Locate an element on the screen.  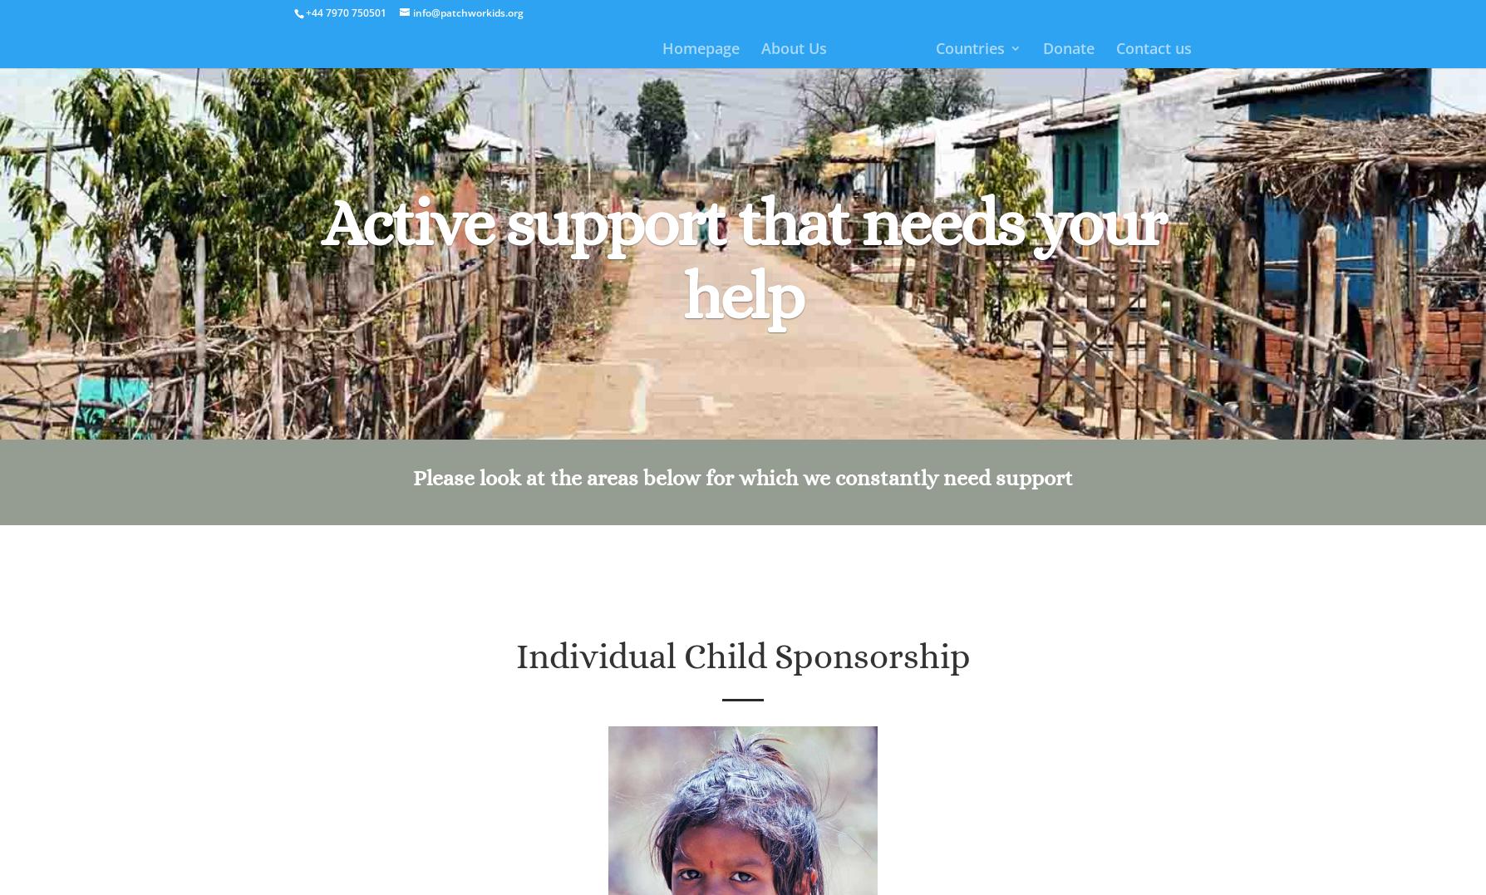
'Homepage' is located at coordinates (700, 46).